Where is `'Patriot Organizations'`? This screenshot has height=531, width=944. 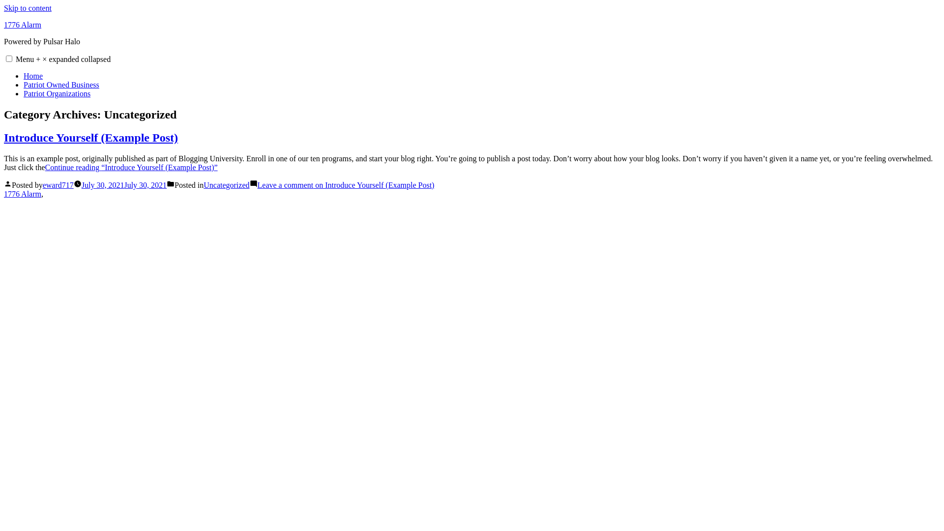
'Patriot Organizations' is located at coordinates (56, 93).